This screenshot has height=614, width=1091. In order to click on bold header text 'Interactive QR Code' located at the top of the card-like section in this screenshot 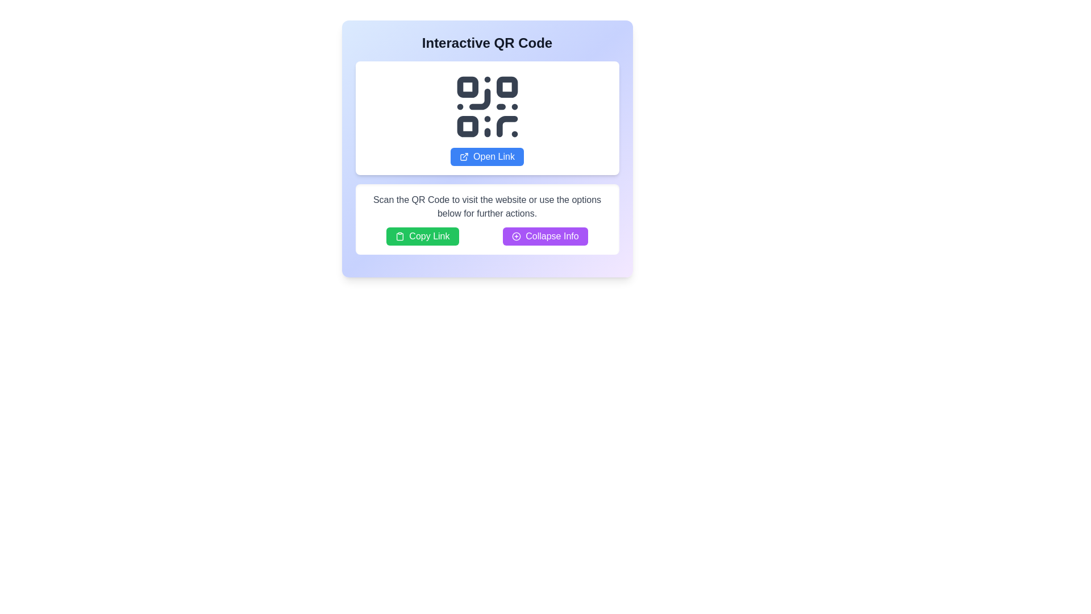, I will do `click(487, 43)`.